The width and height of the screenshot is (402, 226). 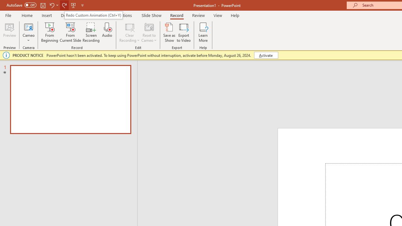 What do you see at coordinates (183, 32) in the screenshot?
I see `'Export to Video'` at bounding box center [183, 32].